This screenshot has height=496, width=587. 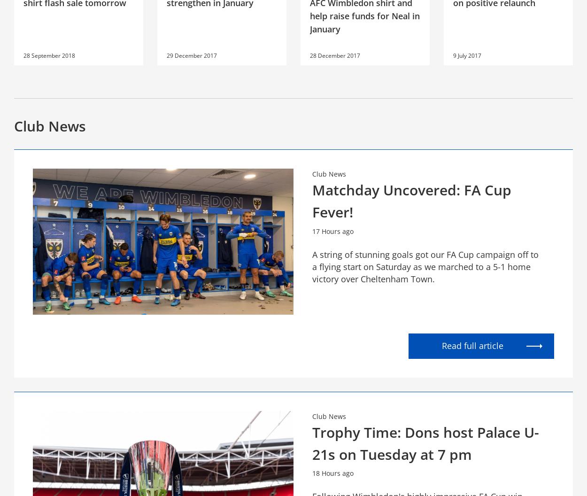 I want to click on '18 Hours ago', so click(x=332, y=473).